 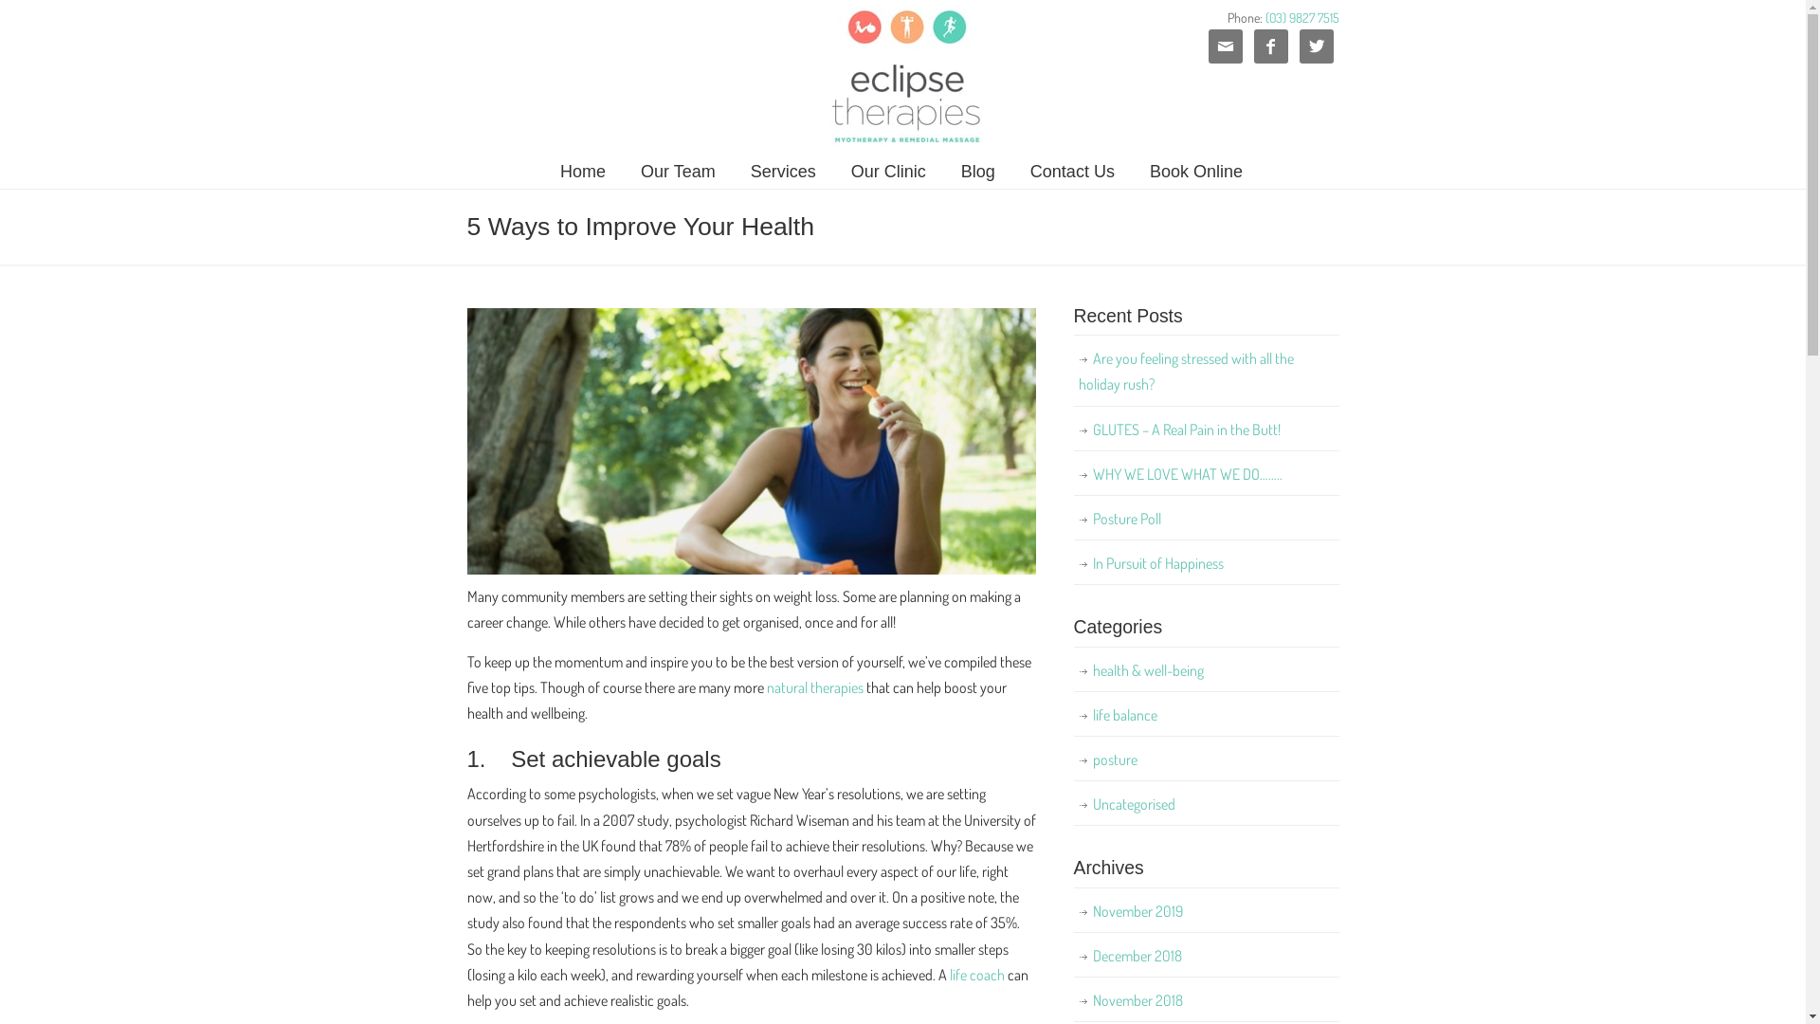 I want to click on 'Book Online', so click(x=1195, y=172).